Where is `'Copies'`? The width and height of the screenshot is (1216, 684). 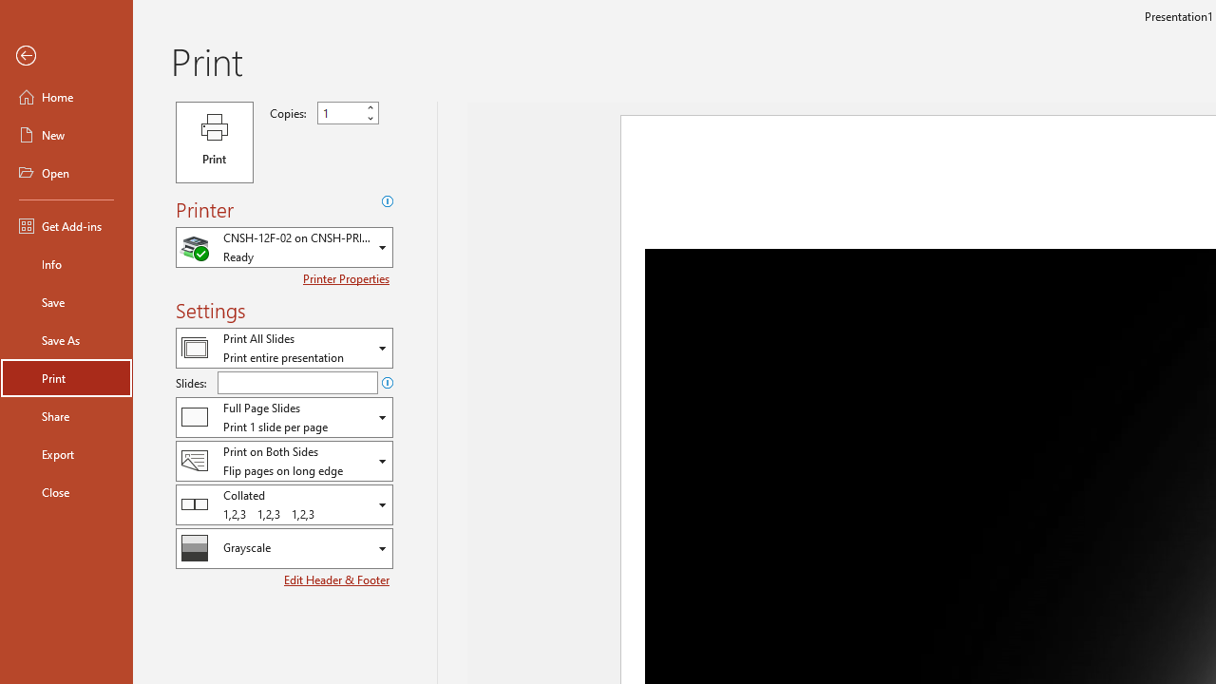
'Copies' is located at coordinates (340, 113).